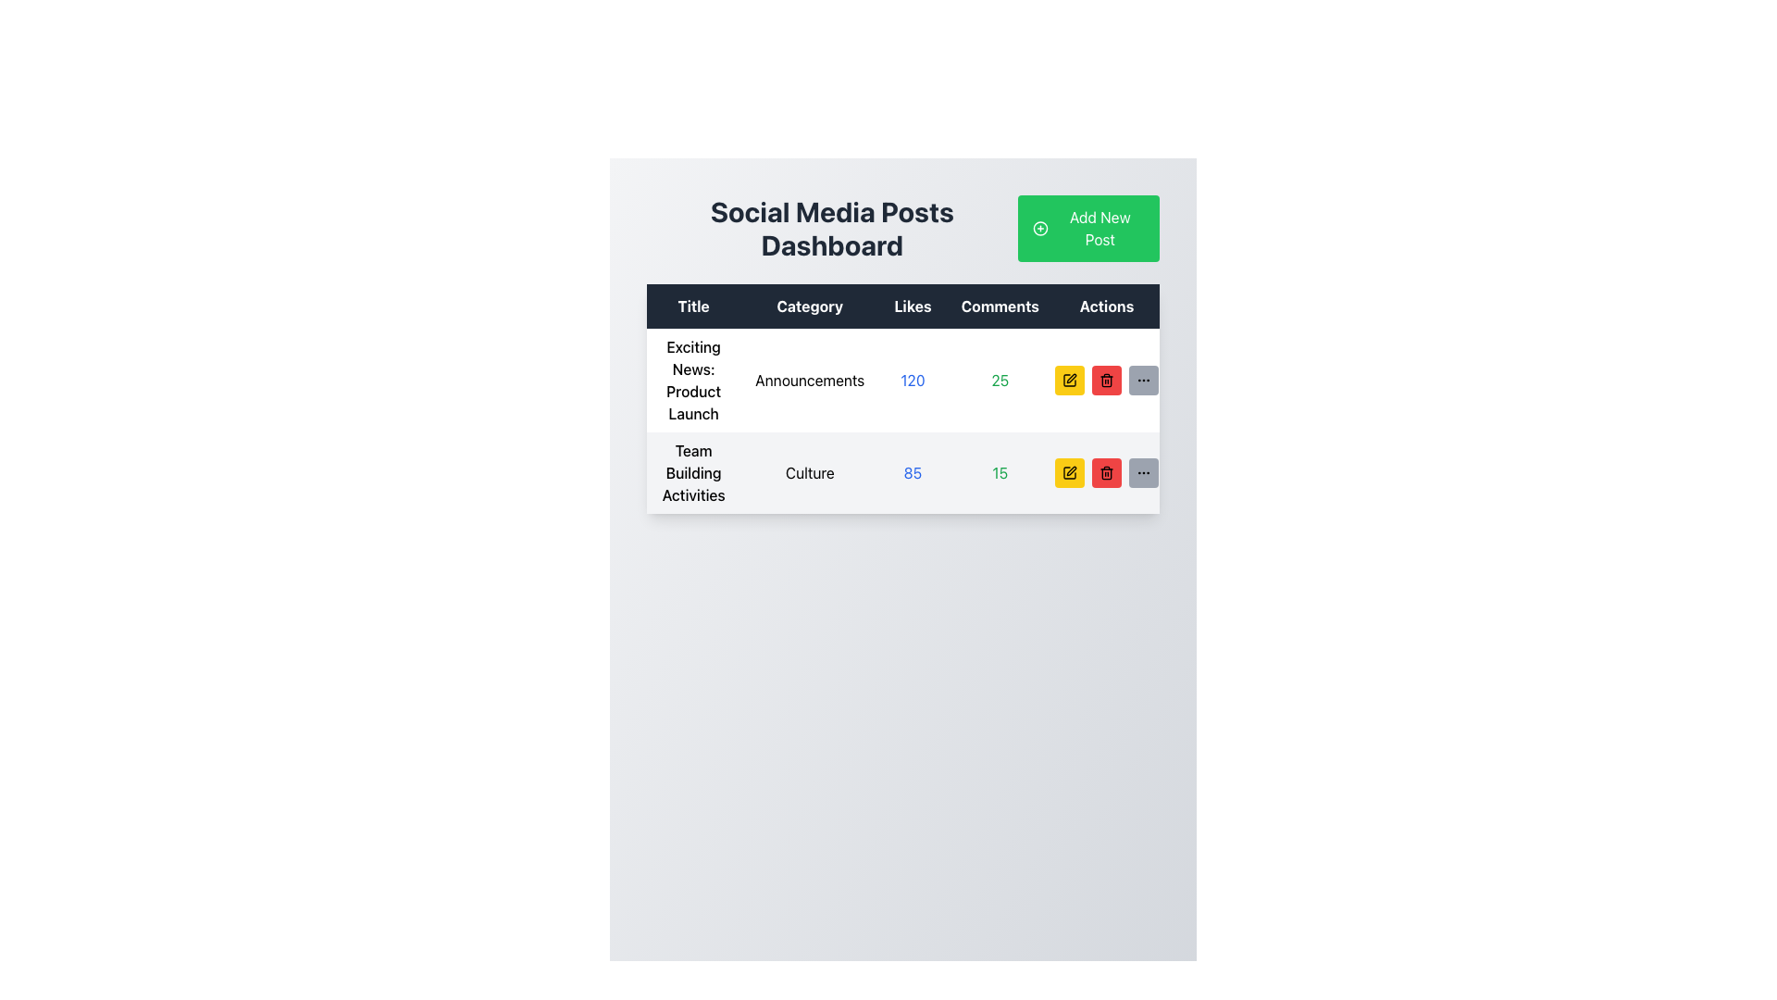  Describe the element at coordinates (902, 421) in the screenshot. I see `the first data row in the 'Social Media Posts Dashboard' table, which displays information about the post titled 'Exciting News: Product Launch'` at that location.